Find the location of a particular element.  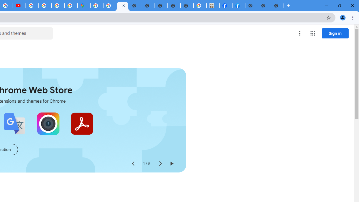

'Sign Up for Facebook' is located at coordinates (239, 6).